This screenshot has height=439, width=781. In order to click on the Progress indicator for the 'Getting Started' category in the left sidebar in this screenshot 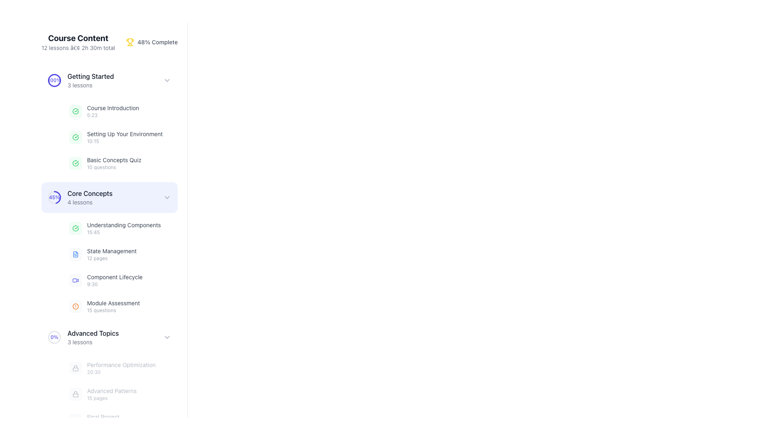, I will do `click(81, 80)`.